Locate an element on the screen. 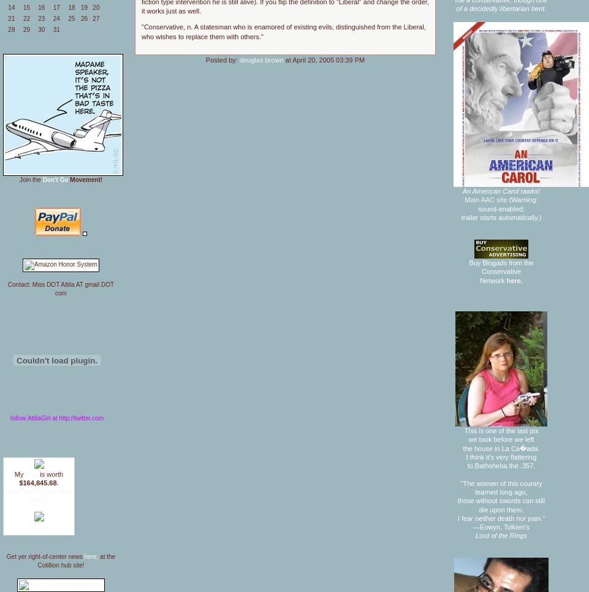 The image size is (589, 592). 'at April 20, 2005 03:39 PM' is located at coordinates (324, 59).